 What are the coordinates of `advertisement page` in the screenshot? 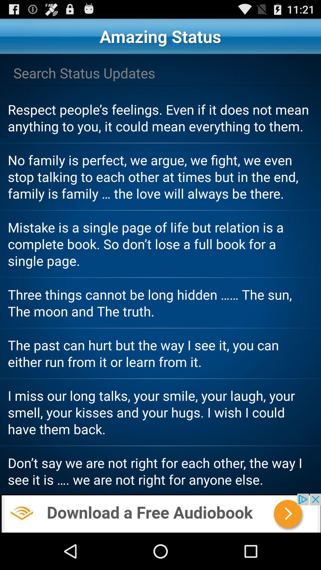 It's located at (160, 513).